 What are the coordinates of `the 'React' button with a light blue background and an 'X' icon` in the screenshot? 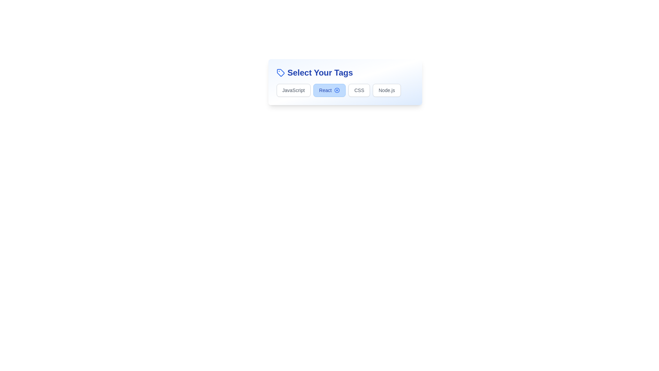 It's located at (329, 90).